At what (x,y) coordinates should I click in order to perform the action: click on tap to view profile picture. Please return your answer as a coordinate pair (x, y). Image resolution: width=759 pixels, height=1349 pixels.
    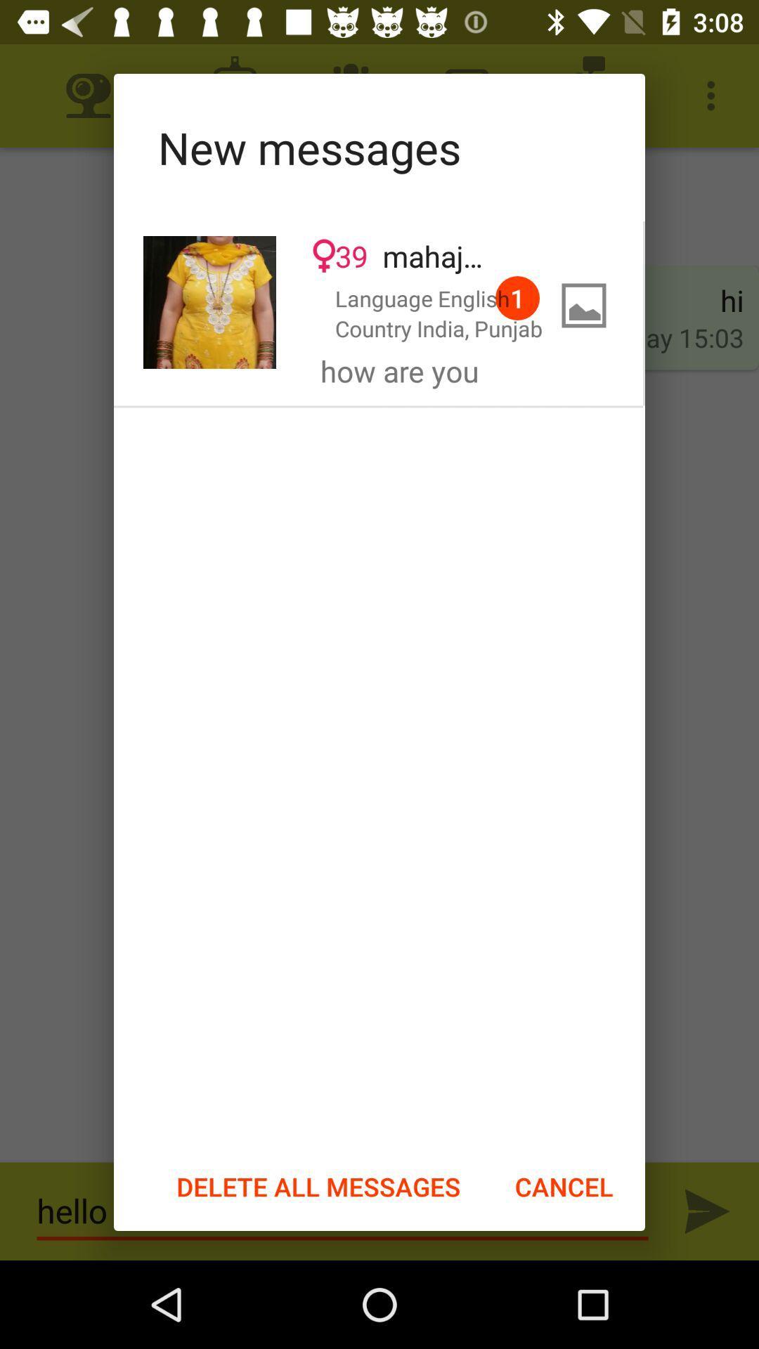
    Looking at the image, I should click on (209, 301).